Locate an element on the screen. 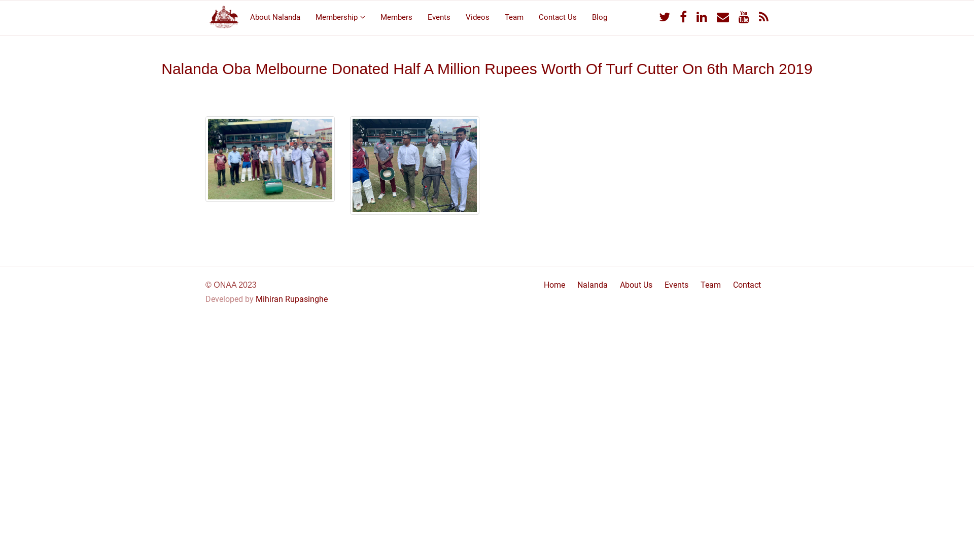 The height and width of the screenshot is (548, 974). 'Videos' is located at coordinates (477, 16).